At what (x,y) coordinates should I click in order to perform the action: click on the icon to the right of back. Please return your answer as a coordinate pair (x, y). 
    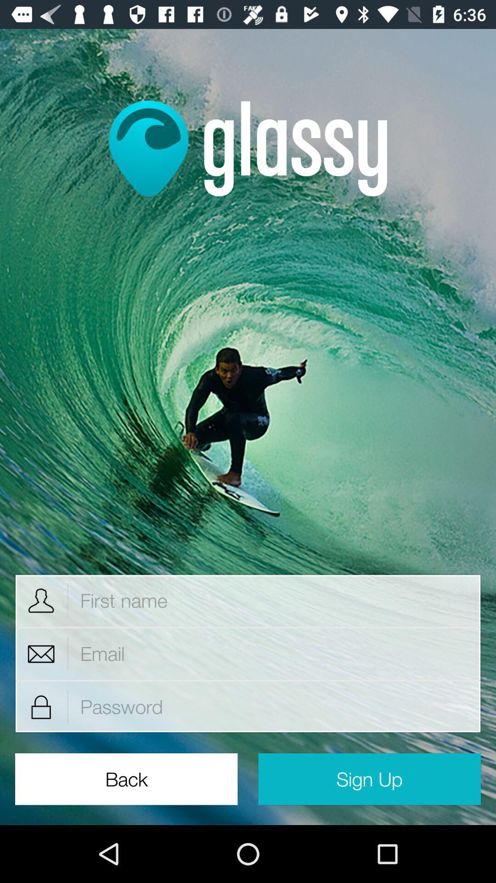
    Looking at the image, I should click on (369, 779).